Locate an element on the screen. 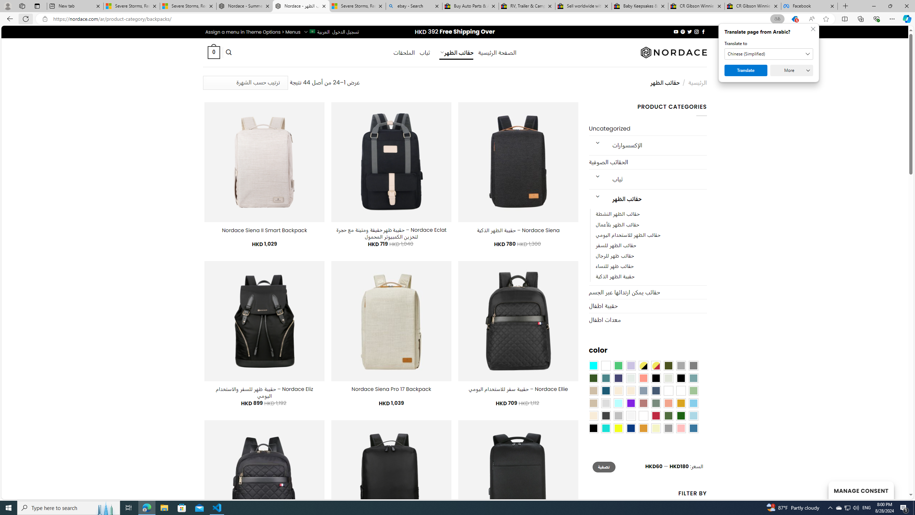 The image size is (915, 515). 'Black-Brown' is located at coordinates (680, 378).